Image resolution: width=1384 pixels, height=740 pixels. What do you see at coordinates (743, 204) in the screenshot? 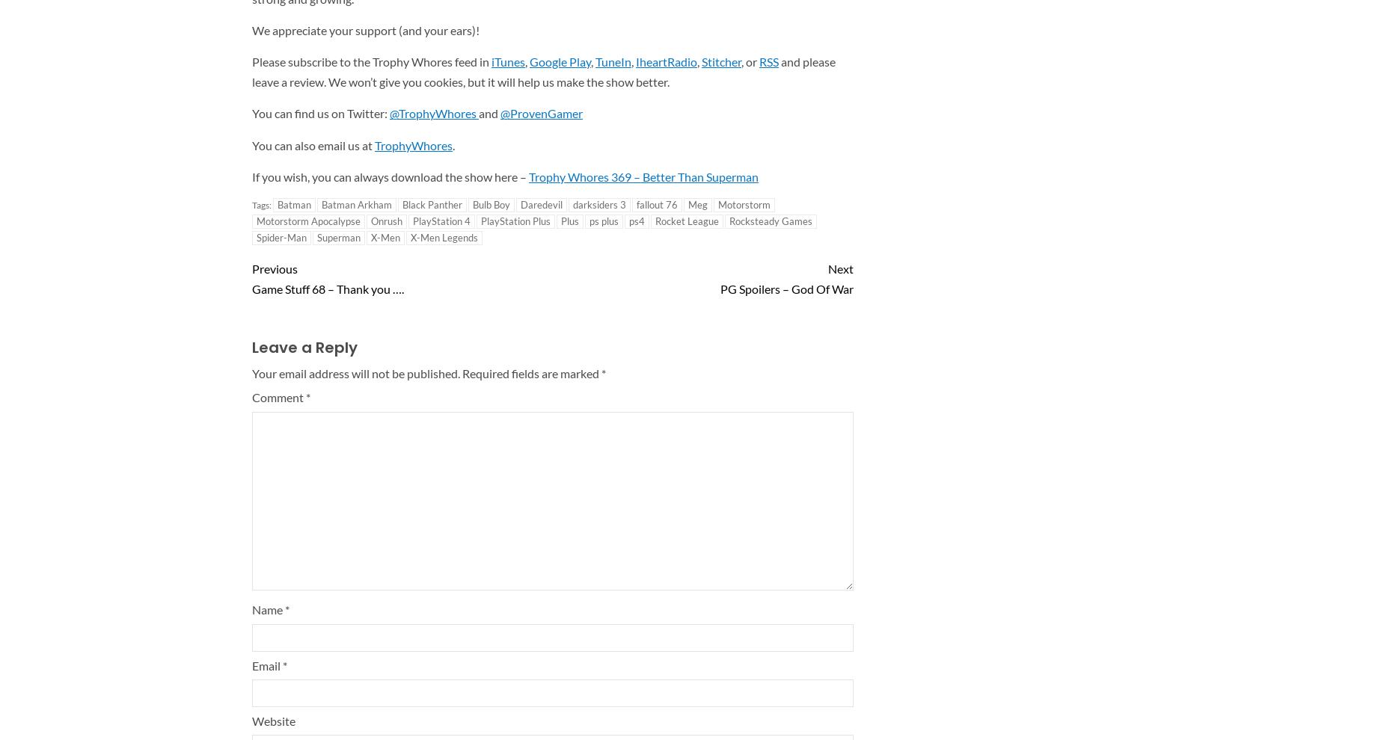
I see `'Motorstorm'` at bounding box center [743, 204].